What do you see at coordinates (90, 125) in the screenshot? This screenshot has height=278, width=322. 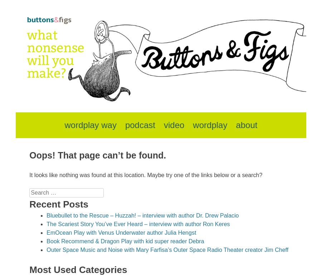 I see `'wordplay way'` at bounding box center [90, 125].